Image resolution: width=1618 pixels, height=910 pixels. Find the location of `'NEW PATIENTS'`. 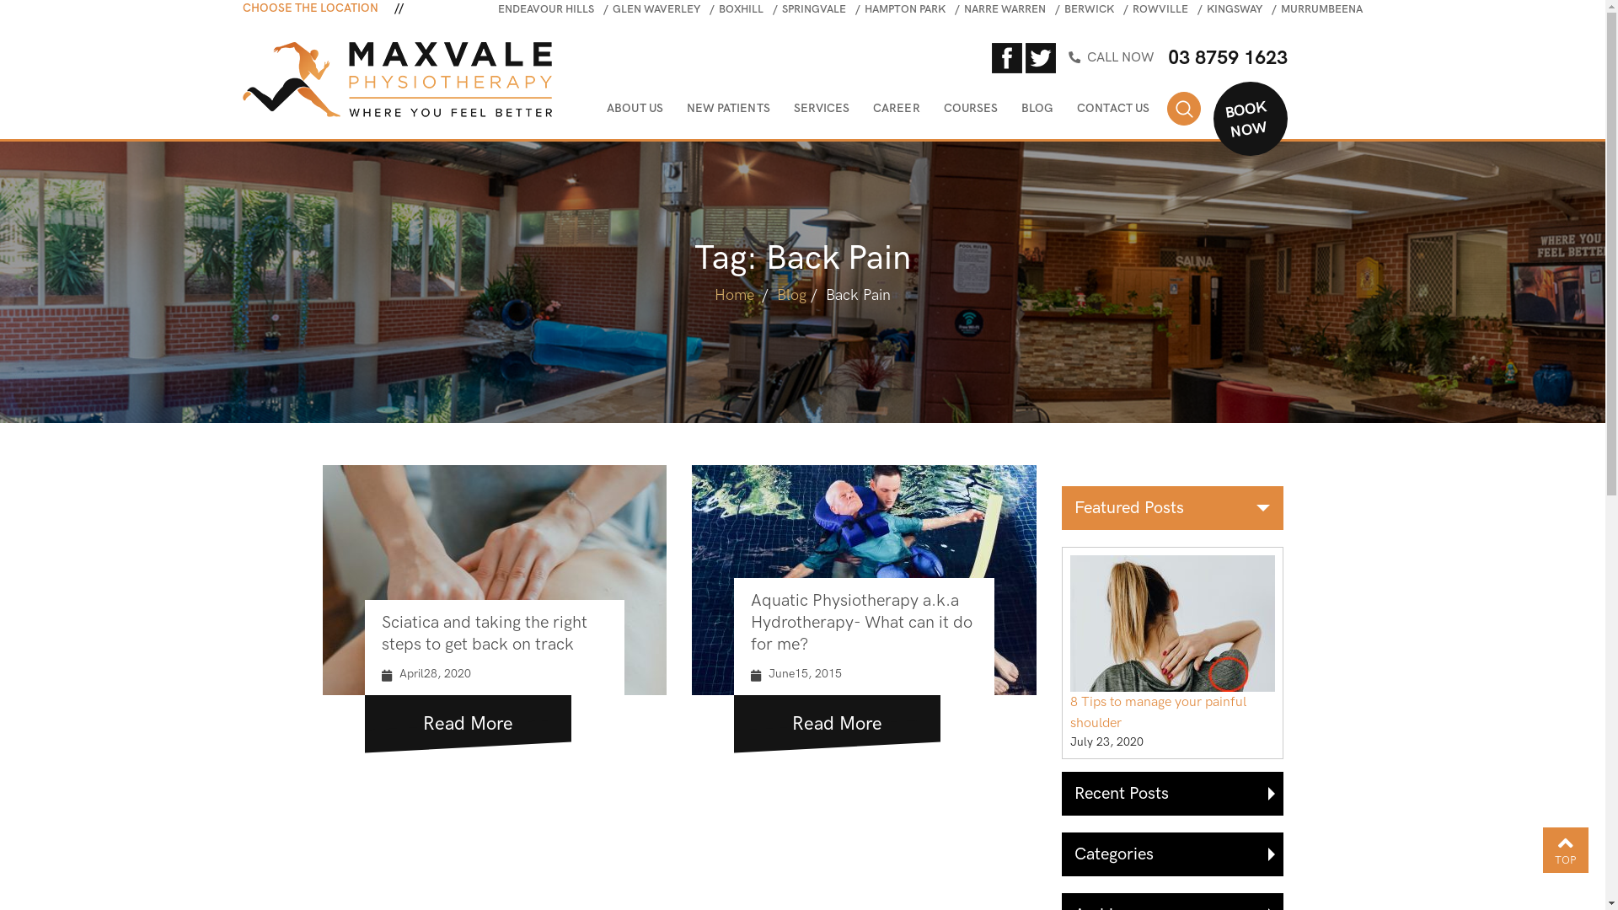

'NEW PATIENTS' is located at coordinates (728, 111).